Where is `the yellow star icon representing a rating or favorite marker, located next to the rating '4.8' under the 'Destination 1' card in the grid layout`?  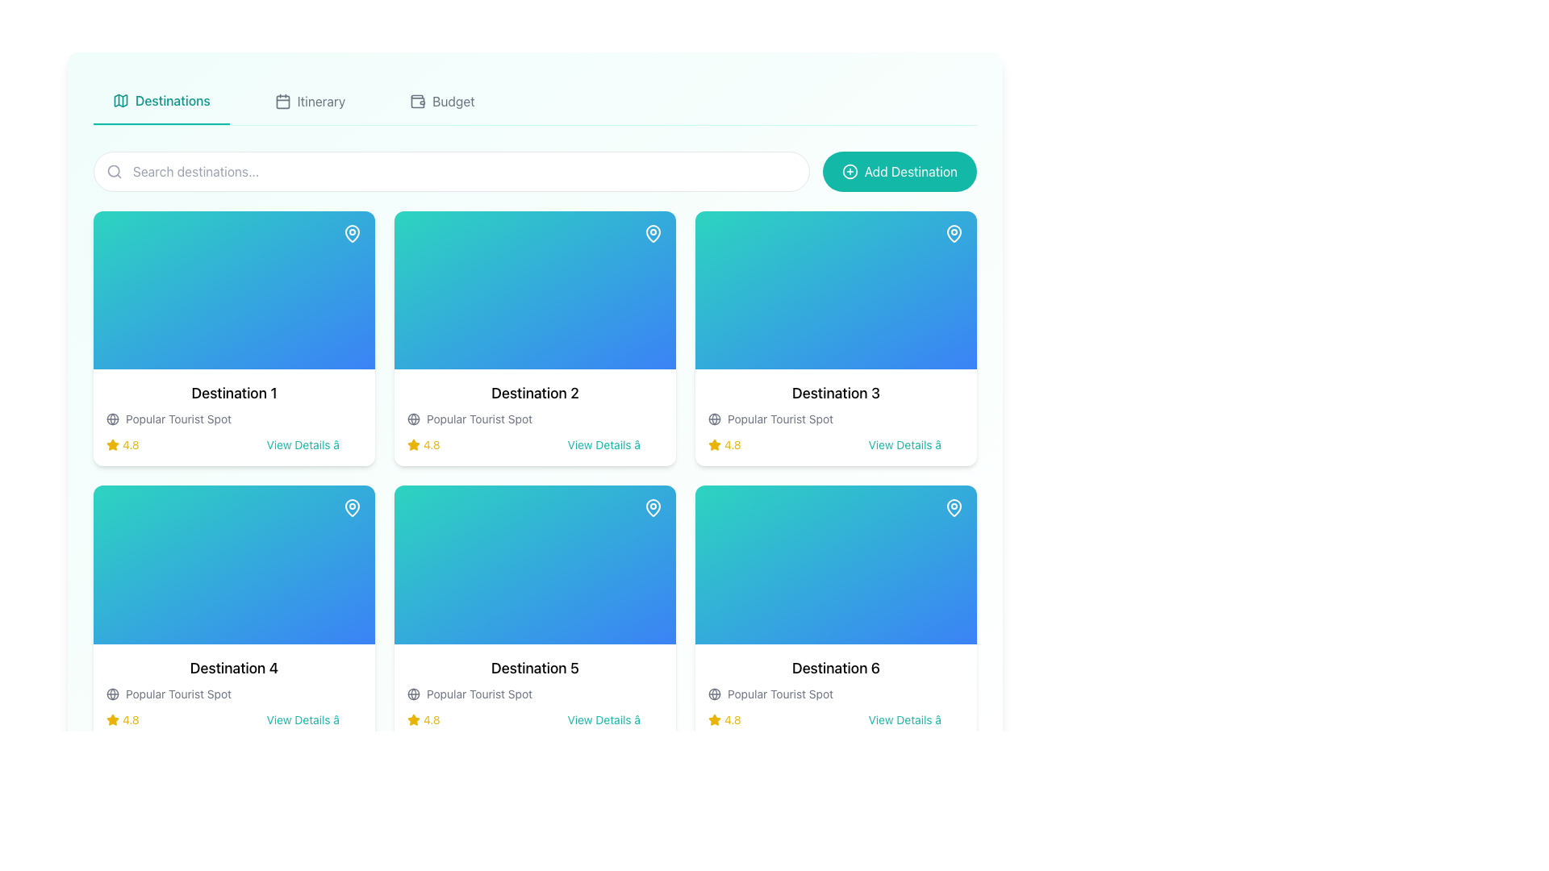
the yellow star icon representing a rating or favorite marker, located next to the rating '4.8' under the 'Destination 1' card in the grid layout is located at coordinates (414, 444).